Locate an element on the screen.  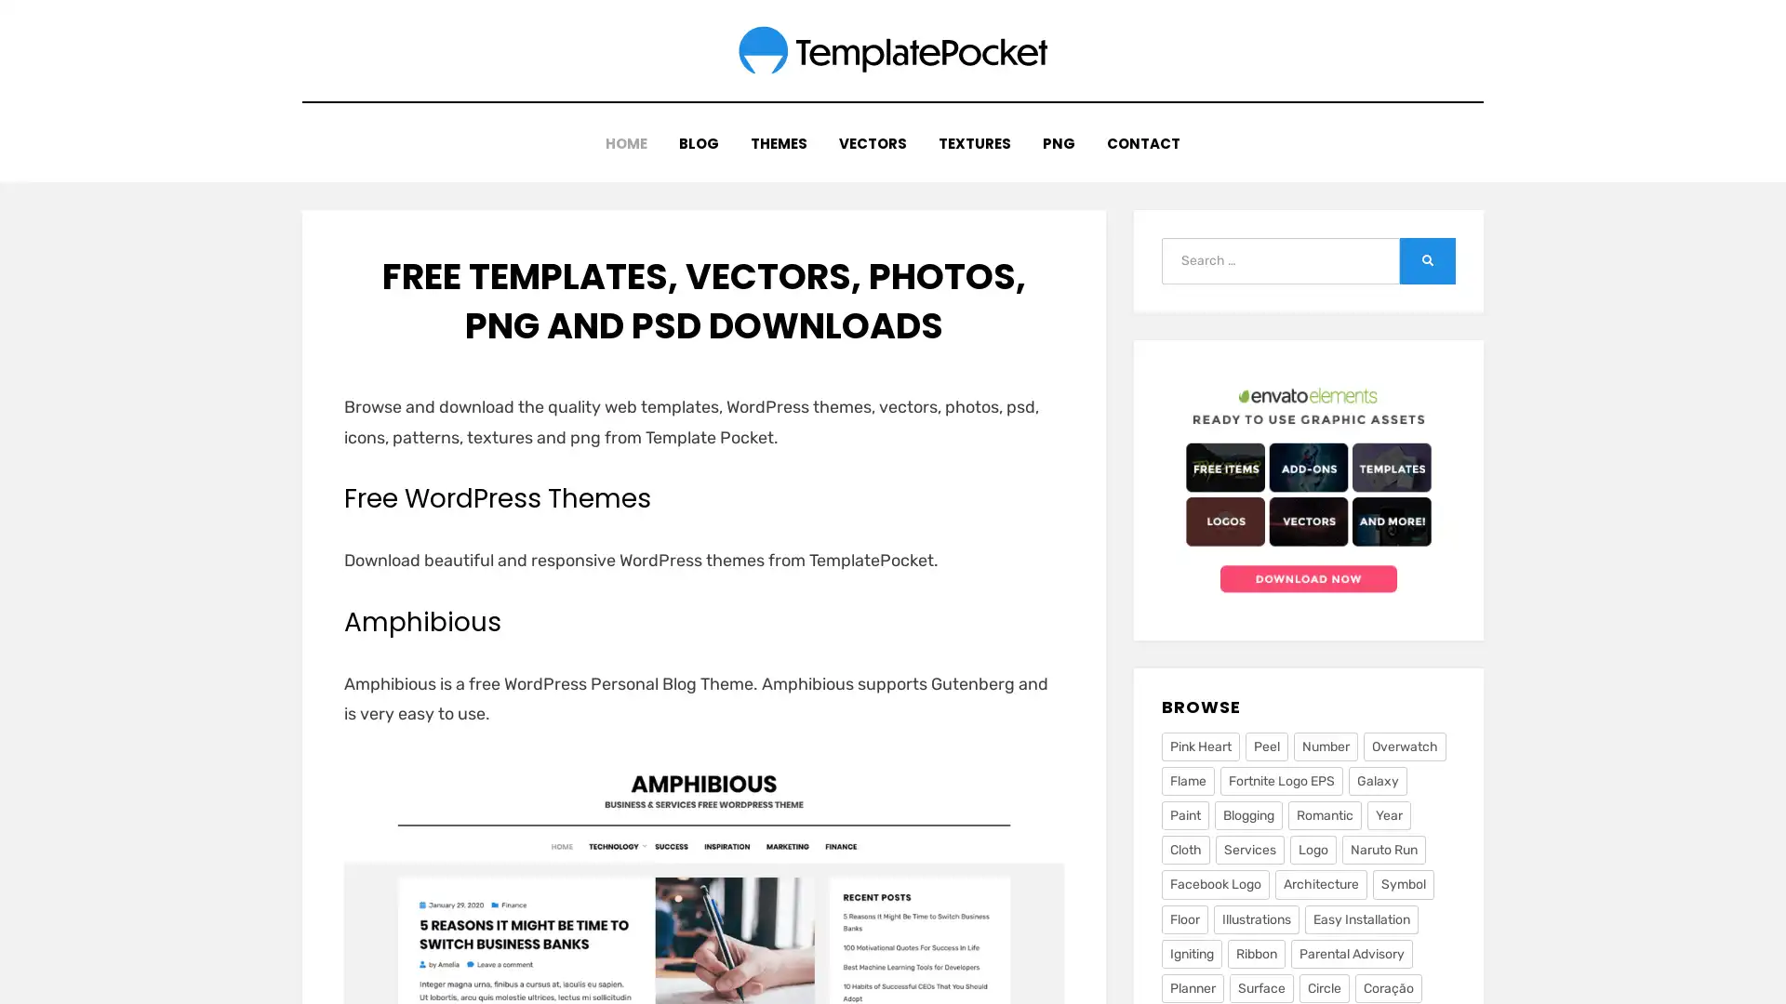
SEARCH is located at coordinates (1427, 245).